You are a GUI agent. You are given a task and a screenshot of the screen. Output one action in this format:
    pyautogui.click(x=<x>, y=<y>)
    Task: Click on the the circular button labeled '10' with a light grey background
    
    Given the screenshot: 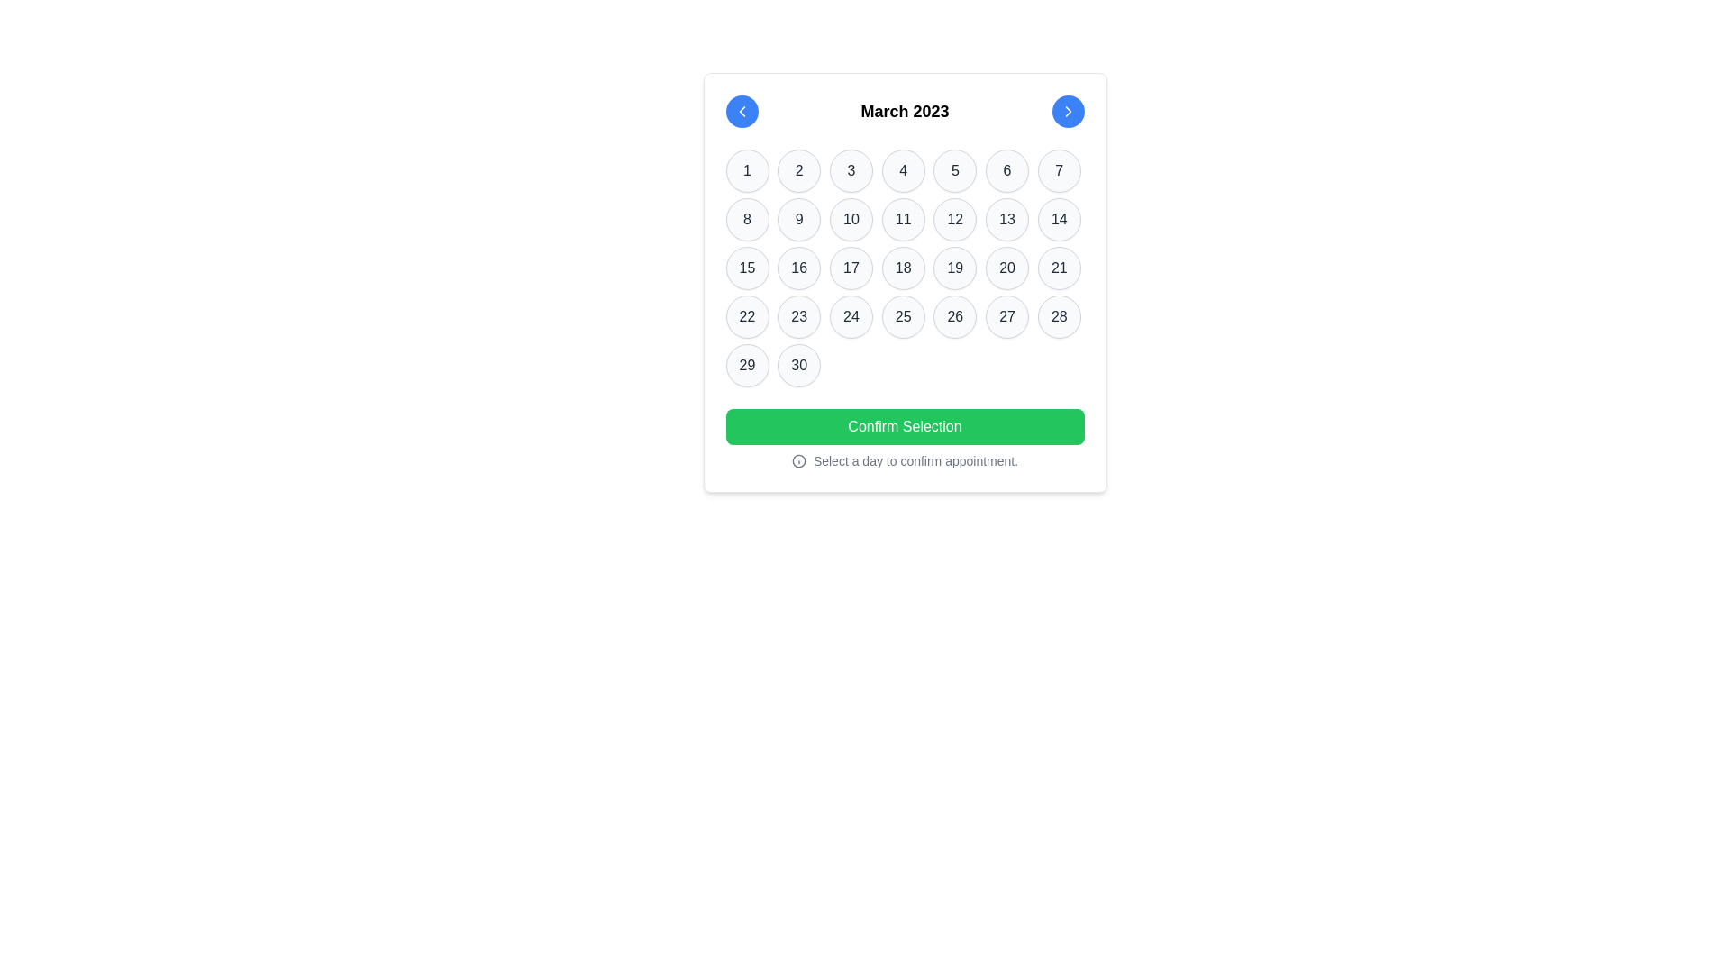 What is the action you would take?
    pyautogui.click(x=850, y=218)
    